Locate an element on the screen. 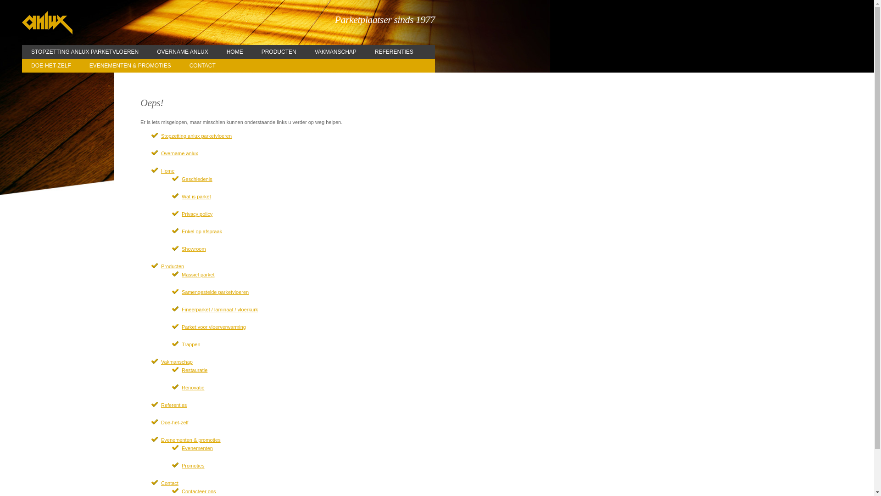 The width and height of the screenshot is (881, 496). 'STOPZETTING ANLUX PARKETVLOEREN' is located at coordinates (85, 51).